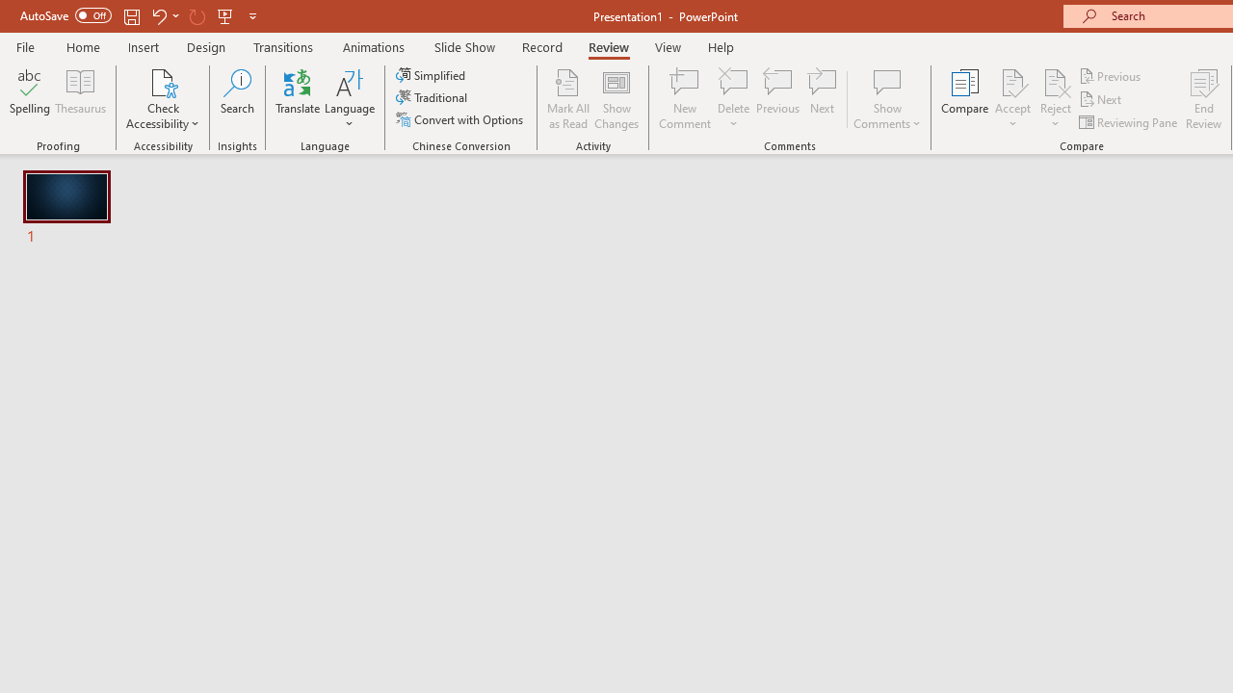 Image resolution: width=1233 pixels, height=693 pixels. What do you see at coordinates (79, 99) in the screenshot?
I see `'Thesaurus...'` at bounding box center [79, 99].